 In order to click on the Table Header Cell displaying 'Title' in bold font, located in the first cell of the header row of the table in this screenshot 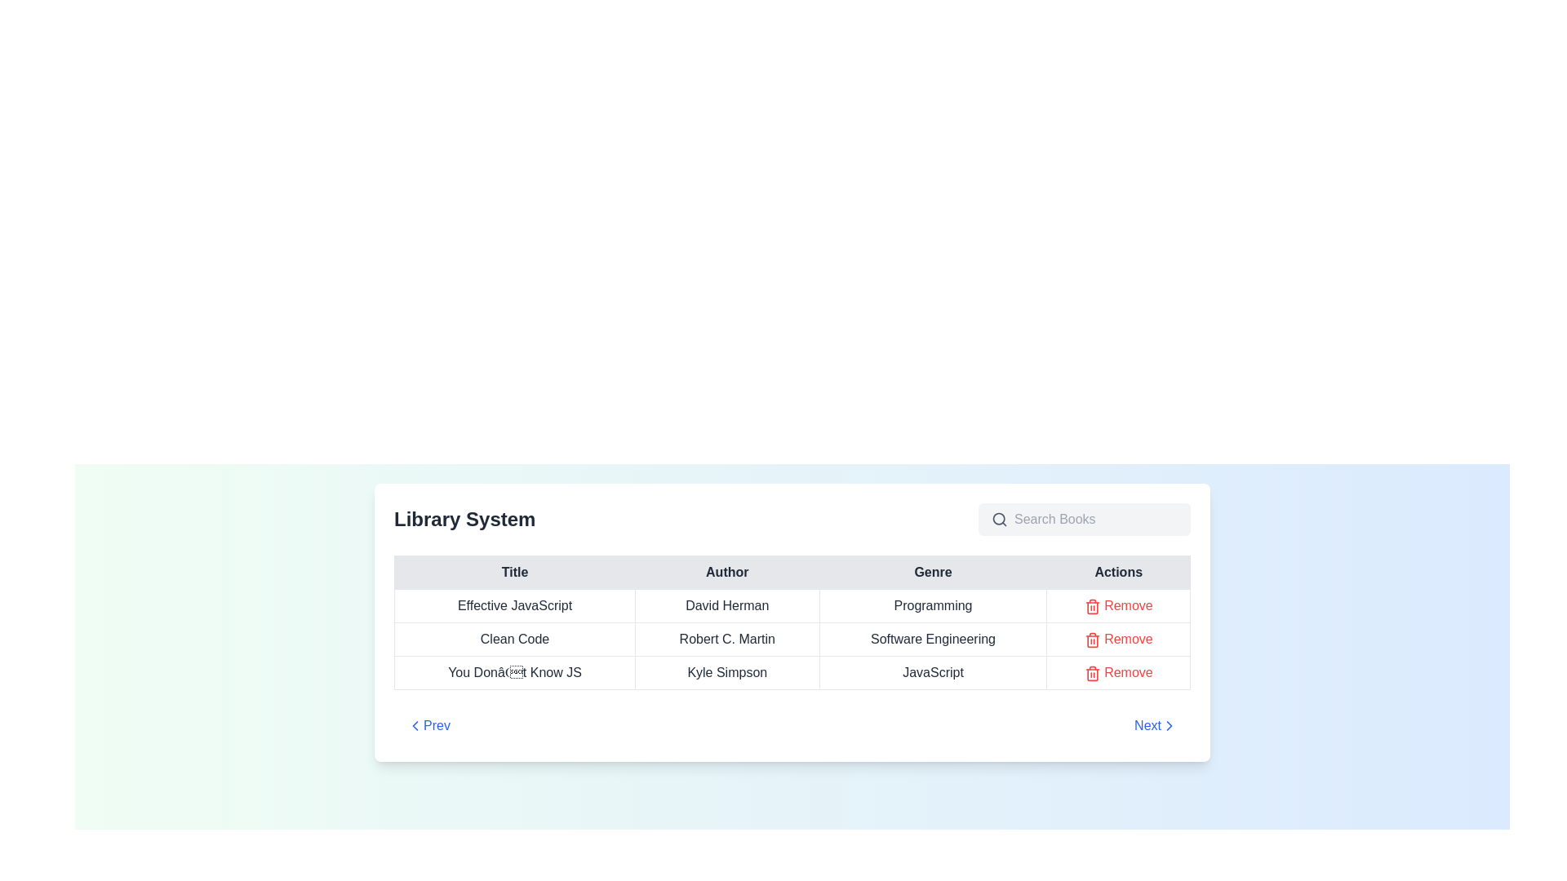, I will do `click(514, 572)`.